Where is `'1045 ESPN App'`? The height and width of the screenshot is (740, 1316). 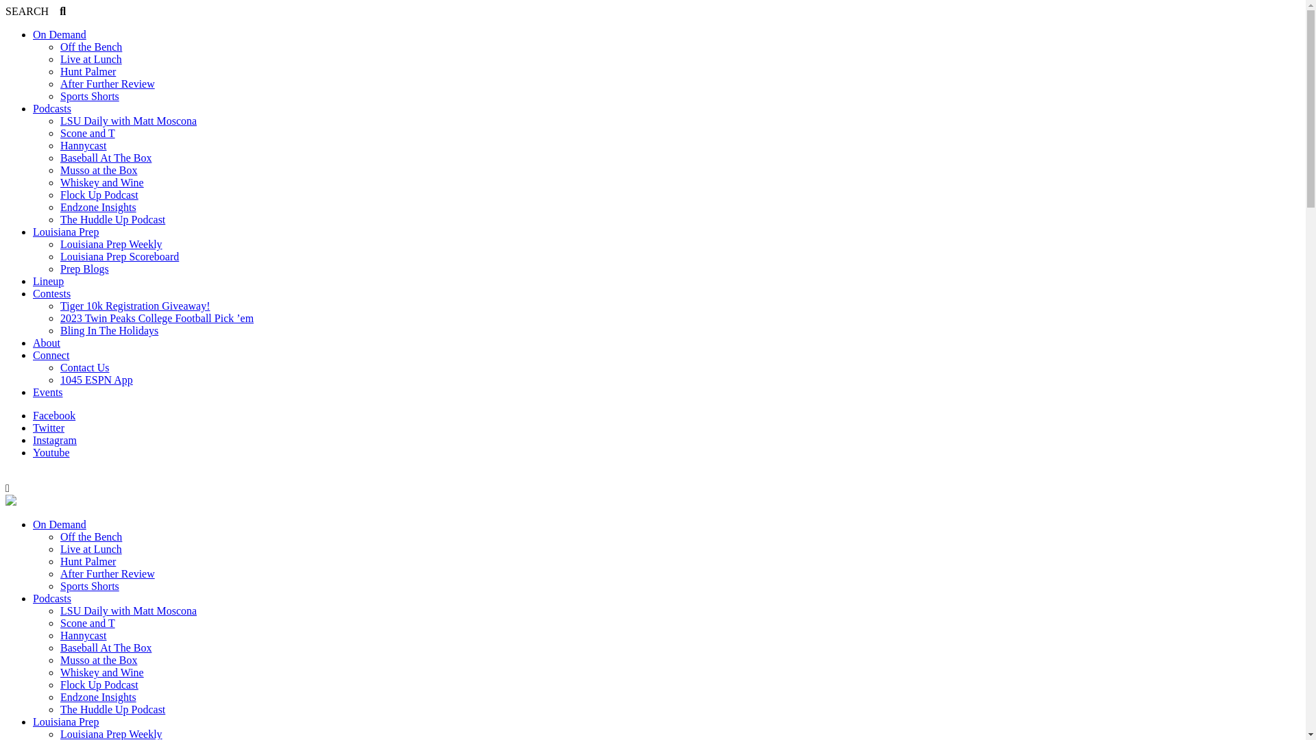
'1045 ESPN App' is located at coordinates (95, 380).